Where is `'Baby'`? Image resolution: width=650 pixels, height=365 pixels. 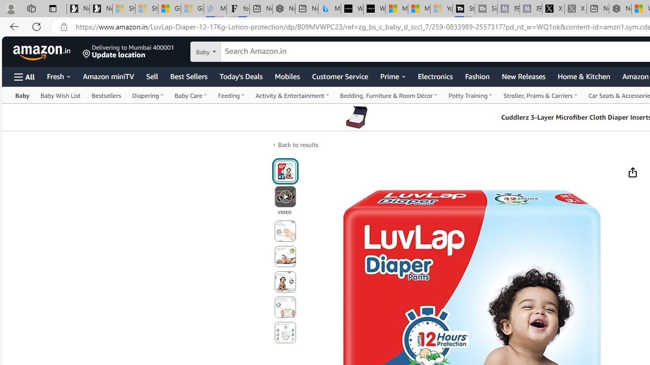 'Baby' is located at coordinates (22, 95).